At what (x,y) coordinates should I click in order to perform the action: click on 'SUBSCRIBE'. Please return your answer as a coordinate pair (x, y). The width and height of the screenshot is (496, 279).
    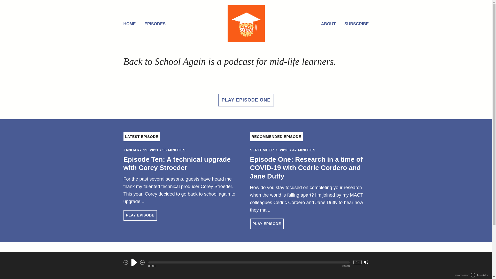
    Looking at the image, I should click on (356, 24).